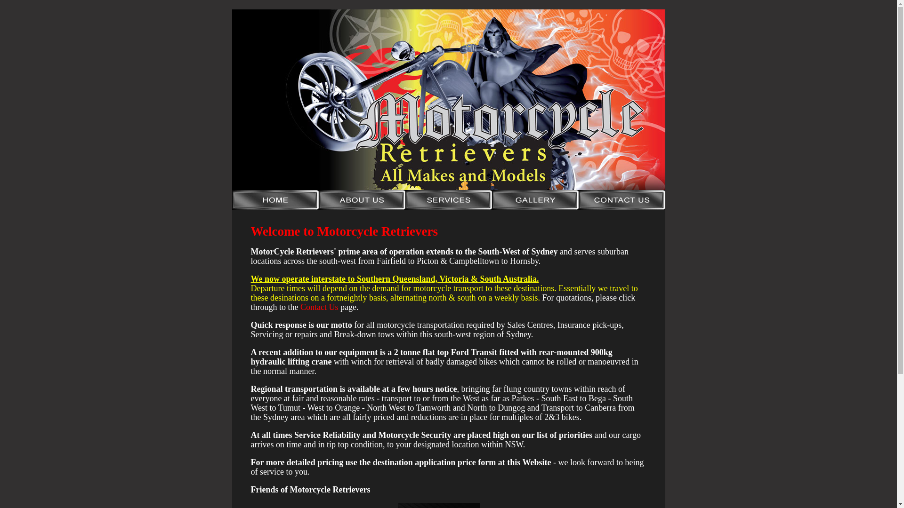  Describe the element at coordinates (319, 307) in the screenshot. I see `'Contact Us'` at that location.